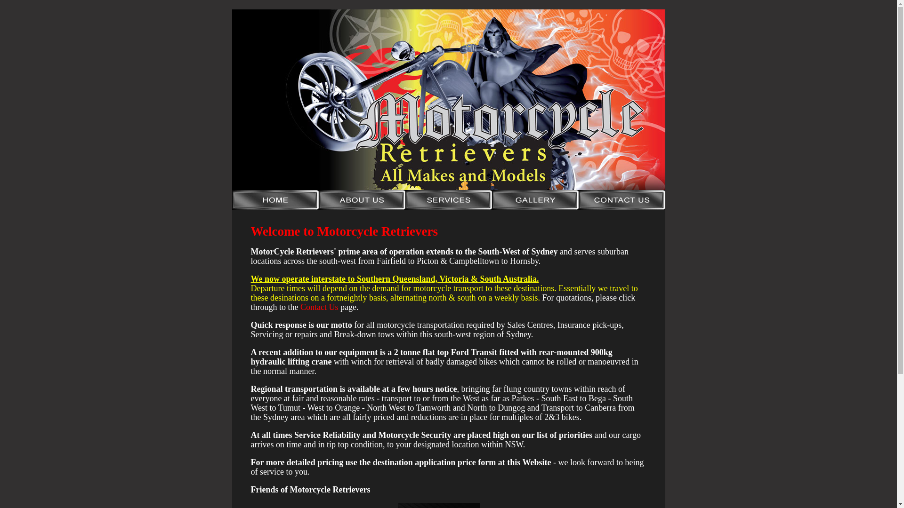  Describe the element at coordinates (319, 307) in the screenshot. I see `'Contact Us'` at that location.